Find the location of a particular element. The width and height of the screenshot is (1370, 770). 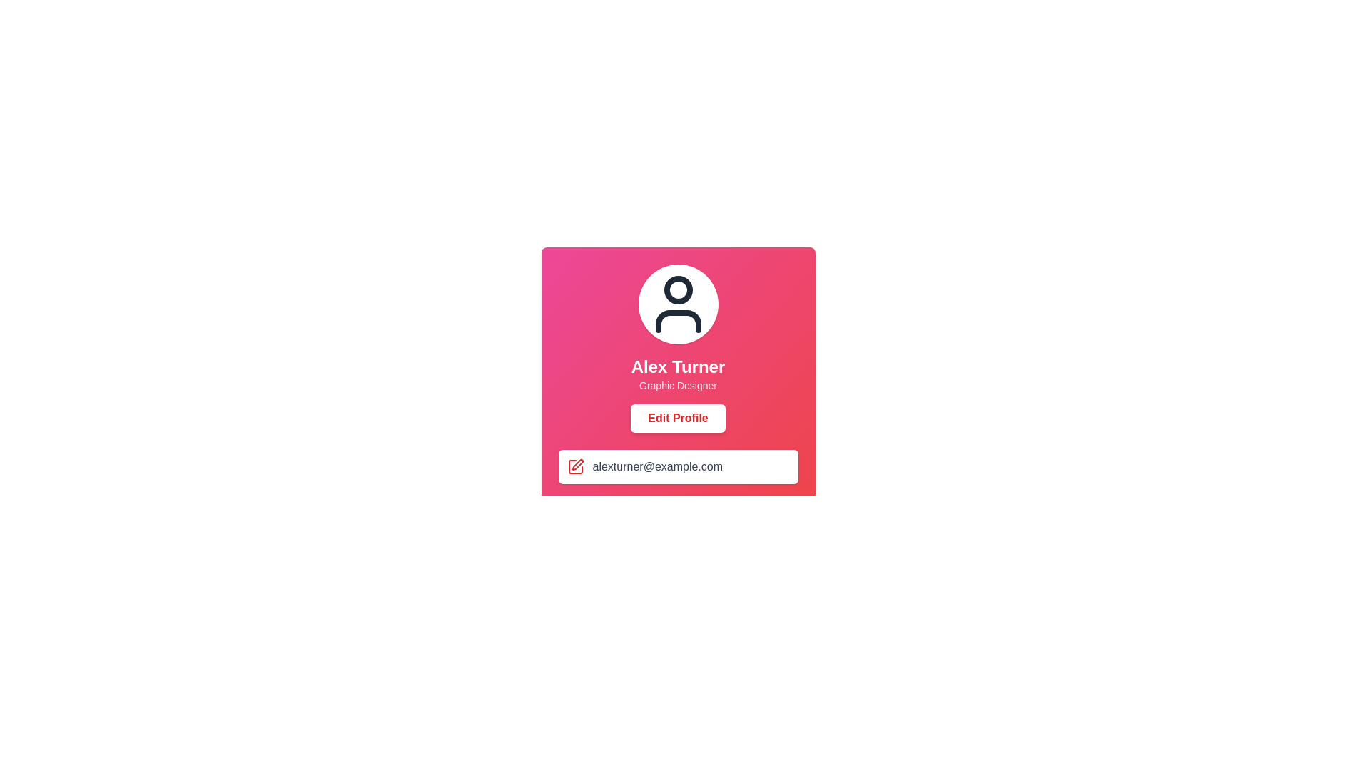

the edit icon located to the left of the email address field within the profile card is located at coordinates (575, 467).